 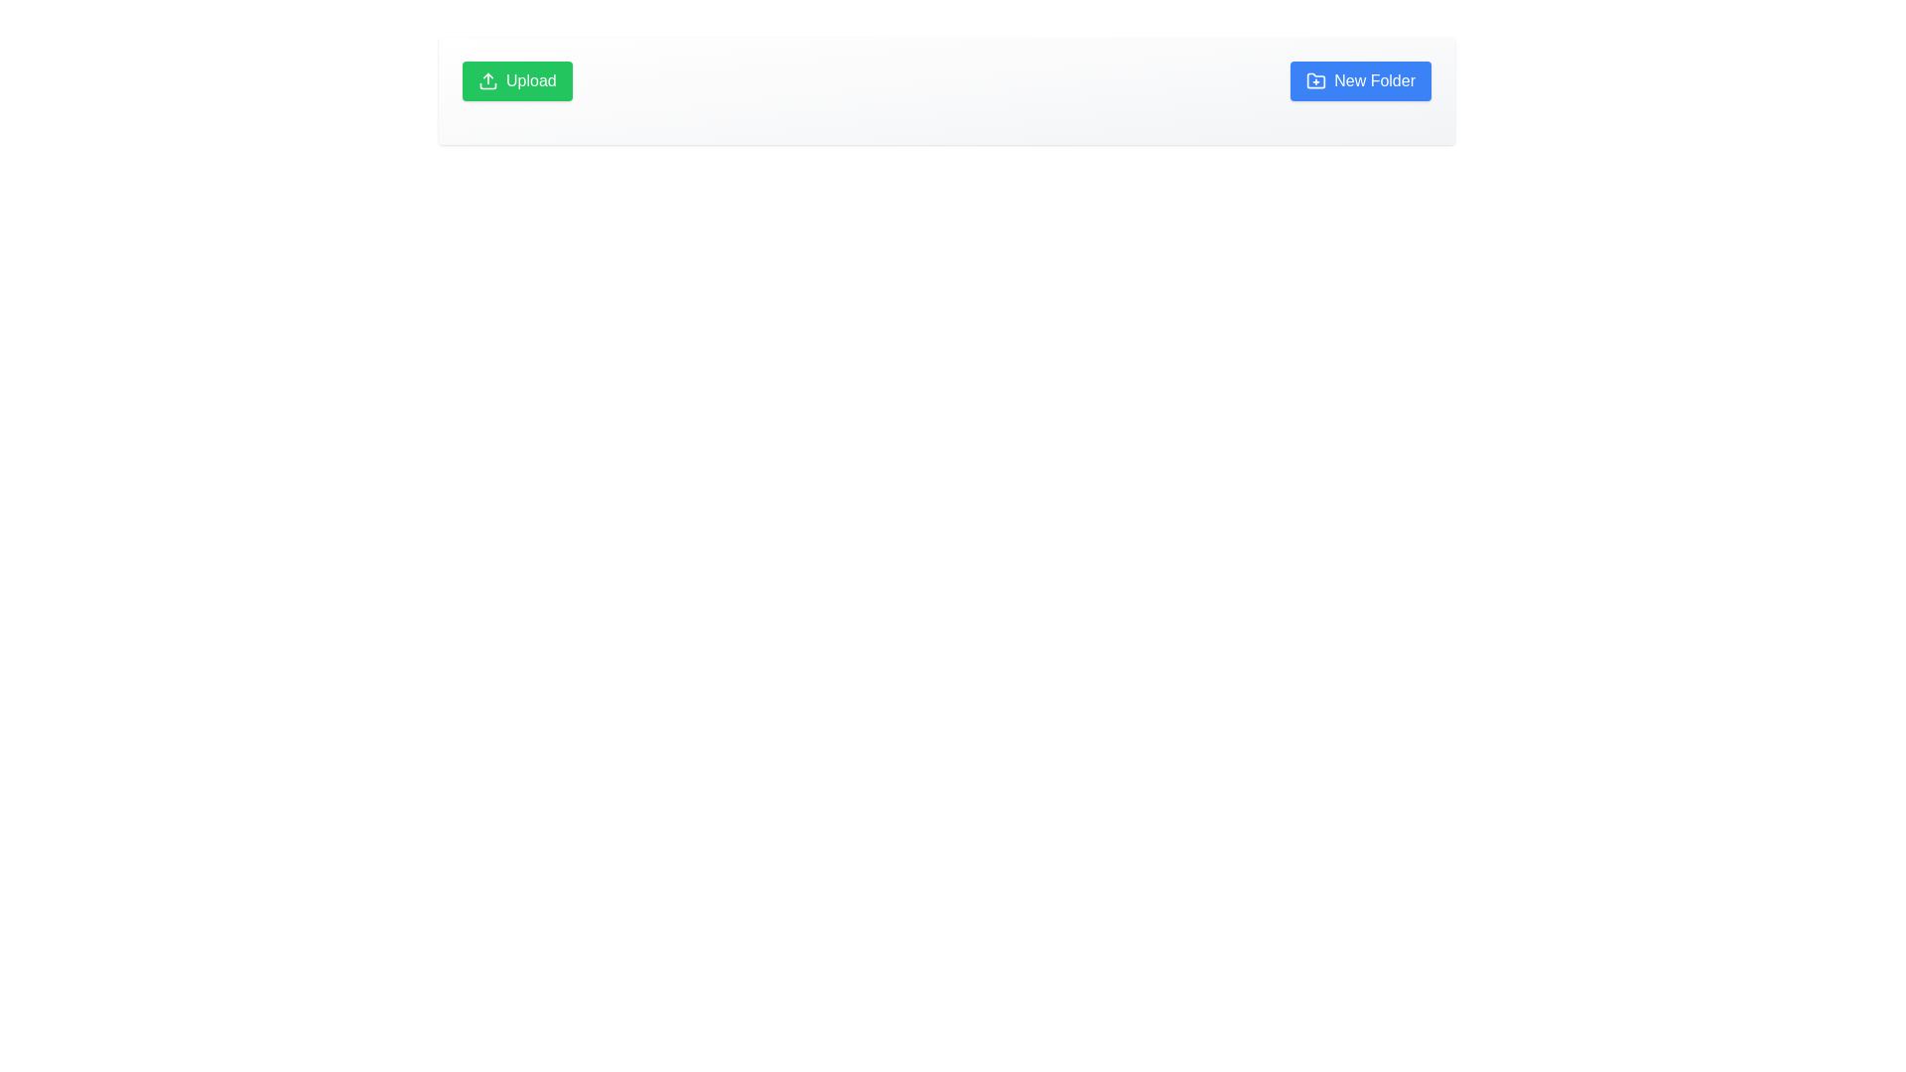 I want to click on graphical icon component, which consists of a horizontal line and is located to the left of the 'Upload' label in the green button, so click(x=487, y=85).